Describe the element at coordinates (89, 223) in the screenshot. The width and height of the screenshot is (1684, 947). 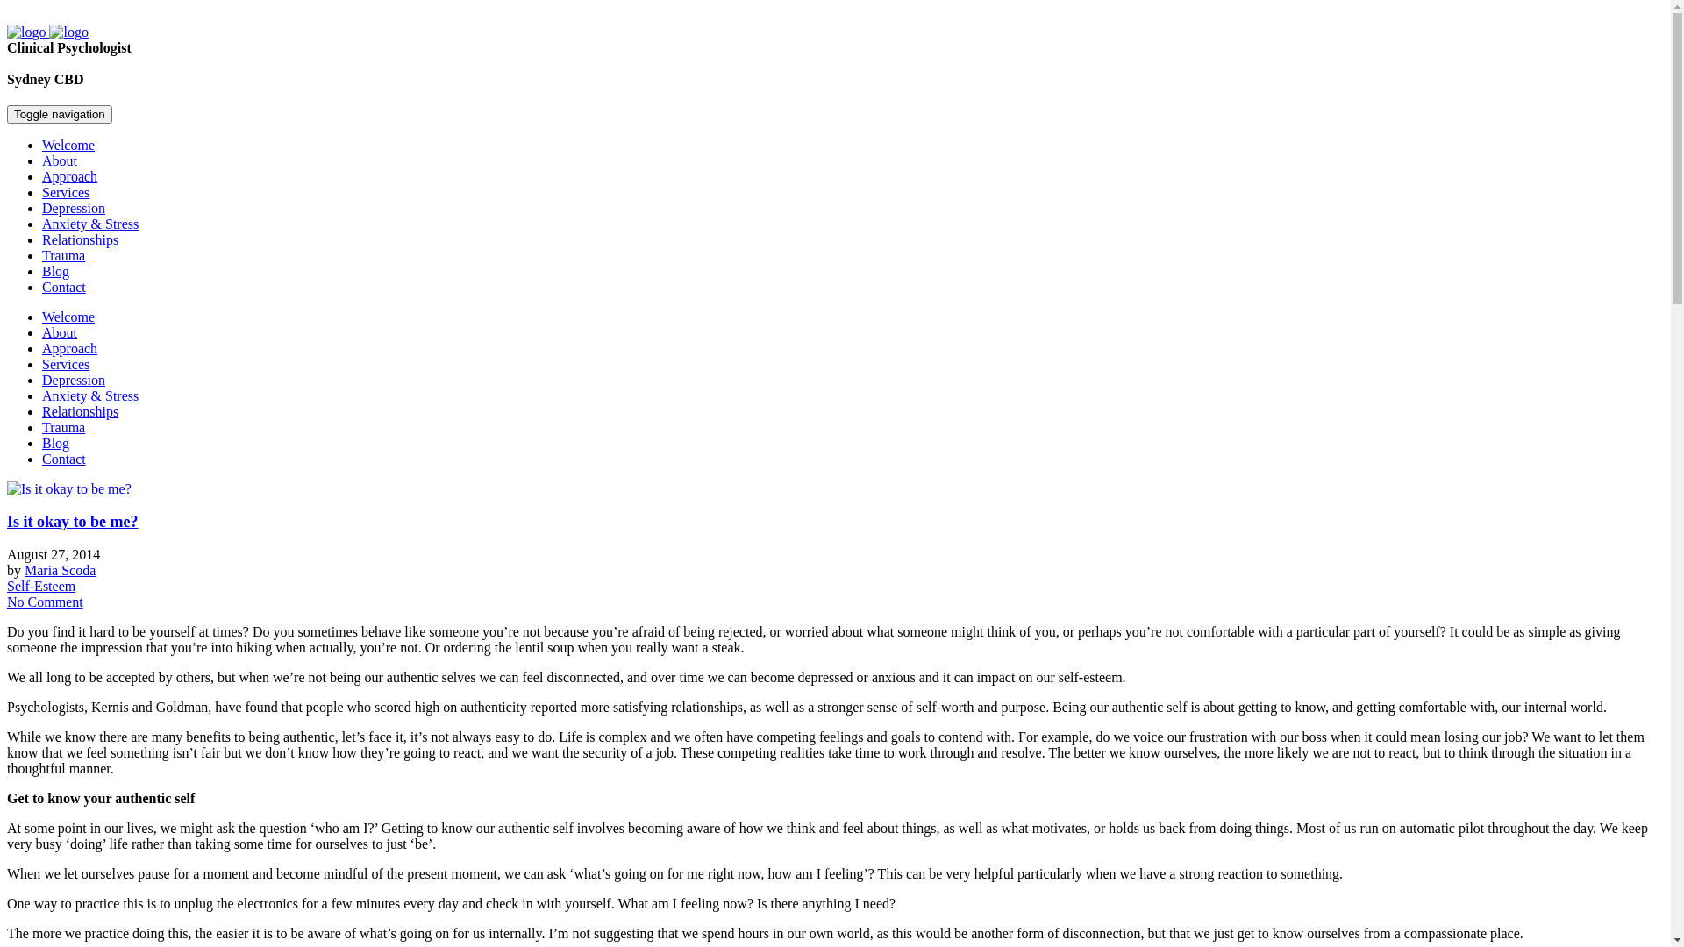
I see `'Anxiety & Stress'` at that location.